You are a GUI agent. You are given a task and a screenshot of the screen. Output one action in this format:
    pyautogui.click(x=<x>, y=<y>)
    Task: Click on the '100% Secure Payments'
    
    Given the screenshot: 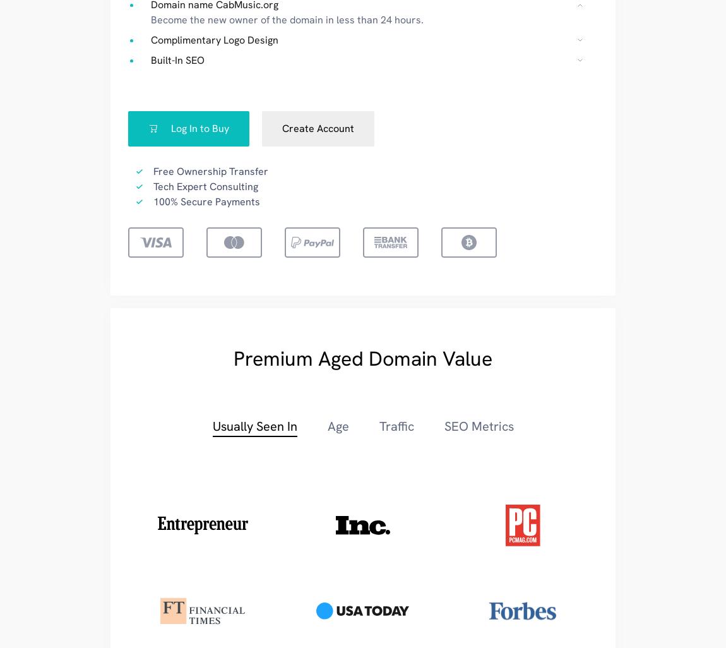 What is the action you would take?
    pyautogui.click(x=206, y=201)
    